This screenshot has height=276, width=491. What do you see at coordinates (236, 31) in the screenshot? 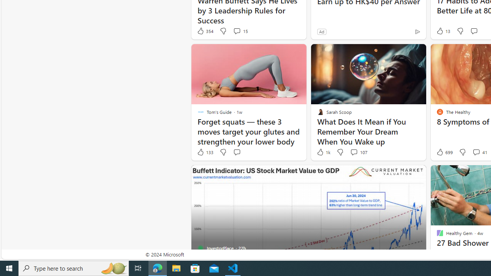
I see `'View comments 15 Comment'` at bounding box center [236, 31].